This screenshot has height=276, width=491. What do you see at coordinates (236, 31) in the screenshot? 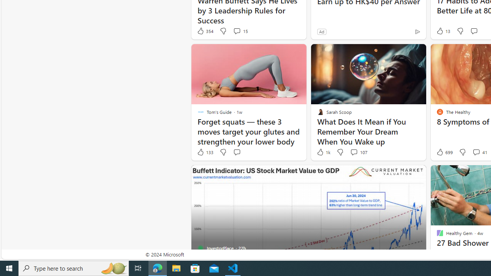
I see `'View comments 15 Comment'` at bounding box center [236, 31].